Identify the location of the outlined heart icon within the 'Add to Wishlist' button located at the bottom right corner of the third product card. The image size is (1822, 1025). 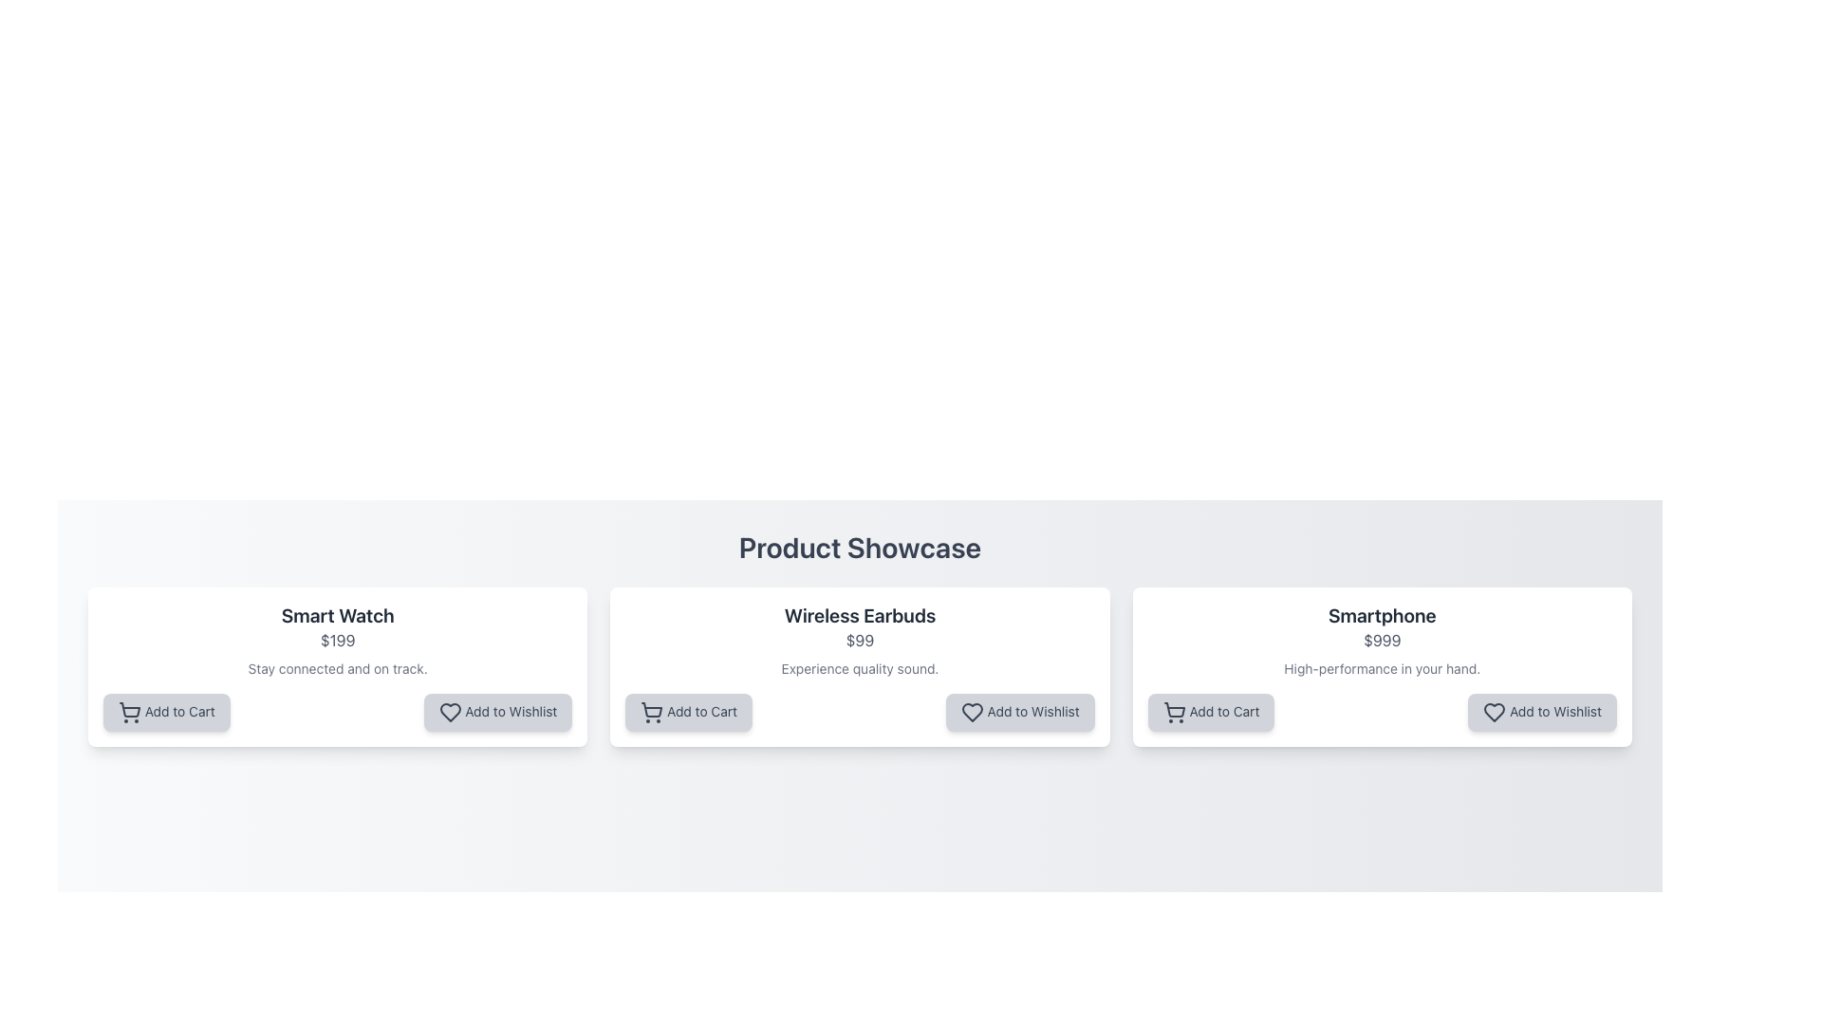
(1494, 713).